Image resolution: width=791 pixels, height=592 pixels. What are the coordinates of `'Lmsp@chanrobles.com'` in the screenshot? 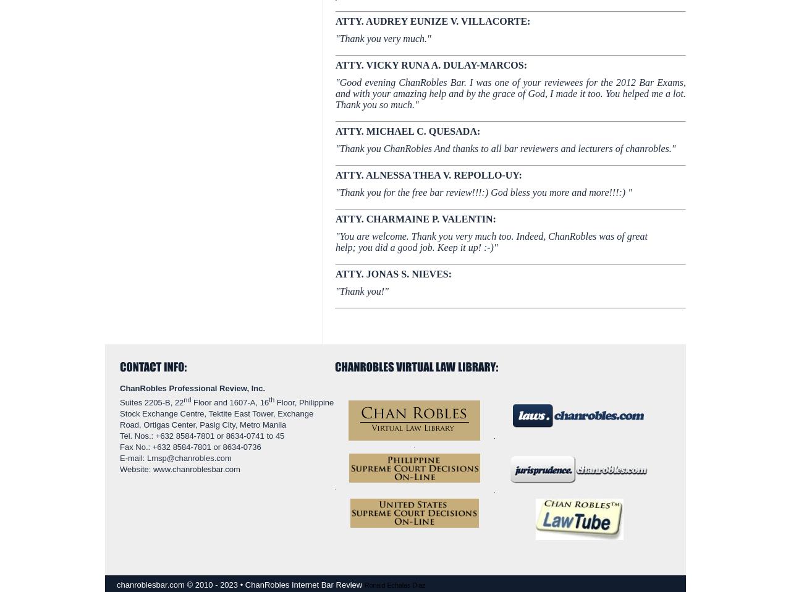 It's located at (146, 458).